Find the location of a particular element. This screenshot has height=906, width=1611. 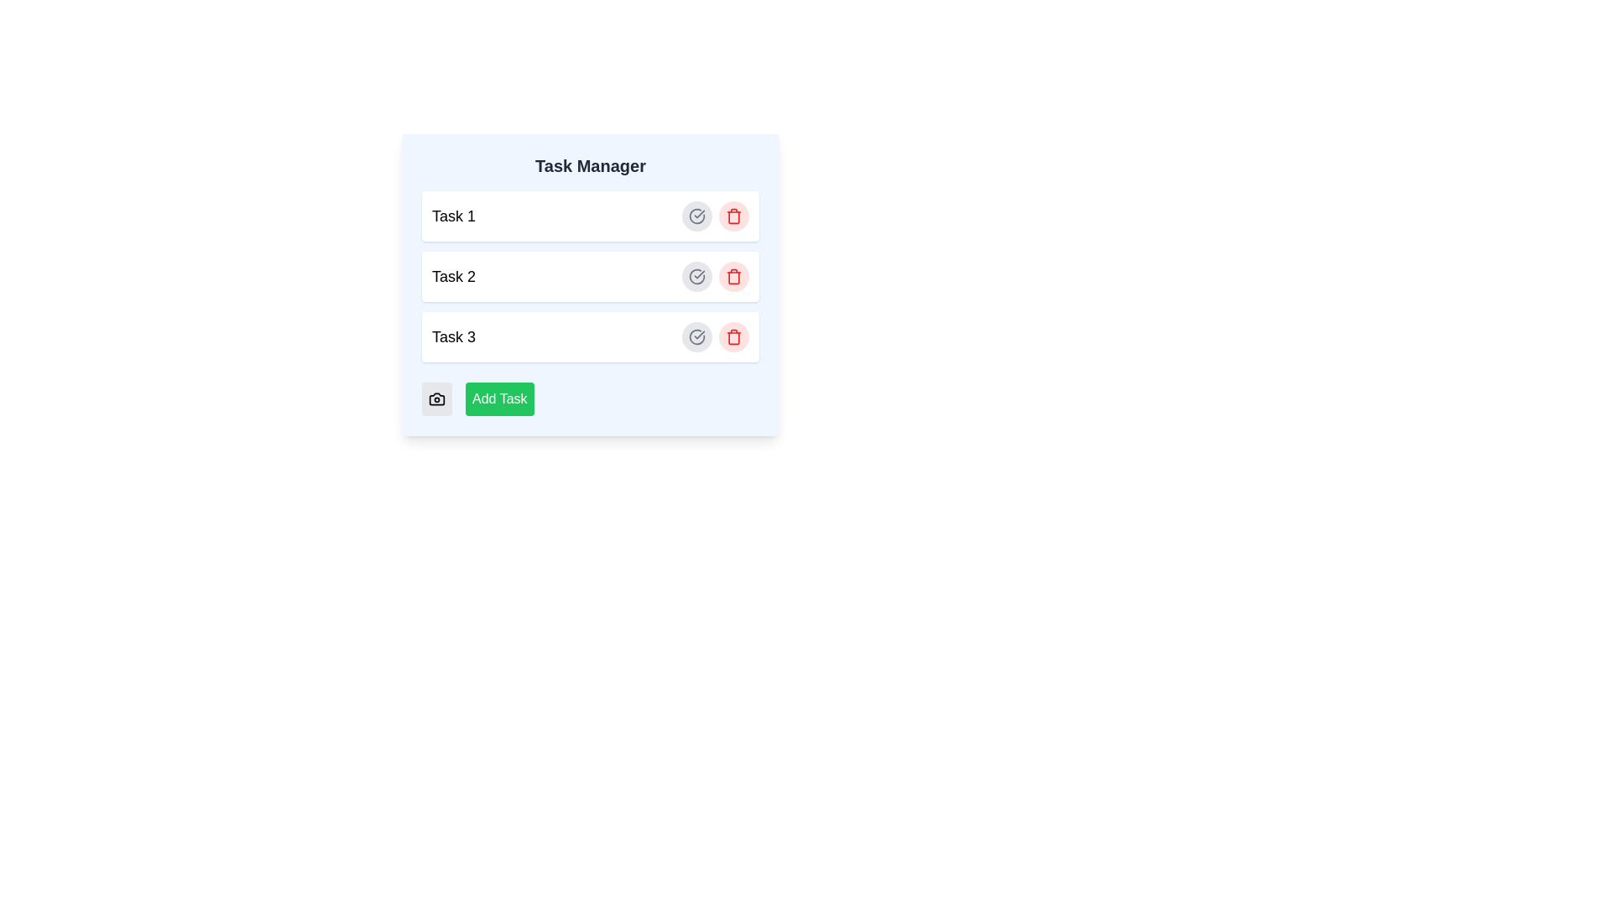

the rectangular button labeled 'Add Task' with a vivid green background is located at coordinates (498, 398).